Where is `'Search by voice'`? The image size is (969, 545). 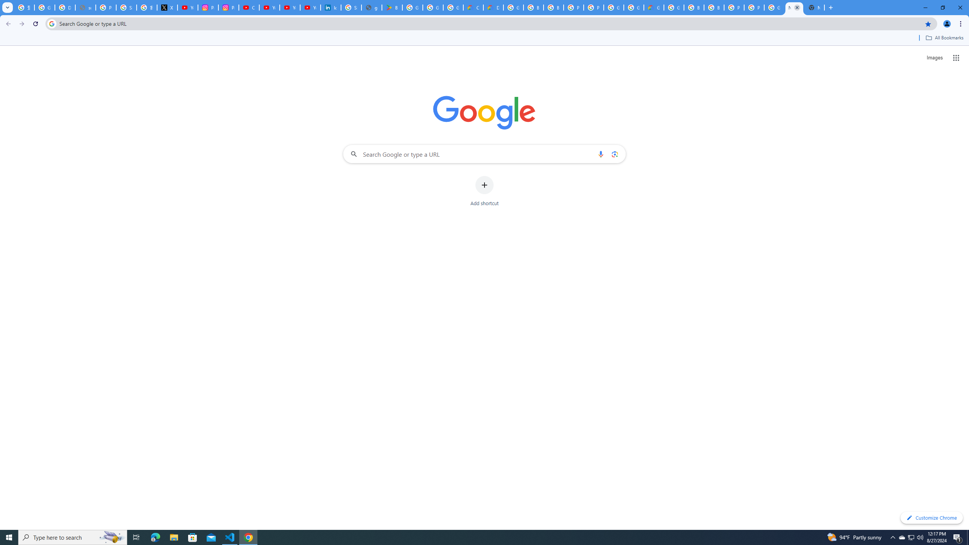
'Search by voice' is located at coordinates (600, 153).